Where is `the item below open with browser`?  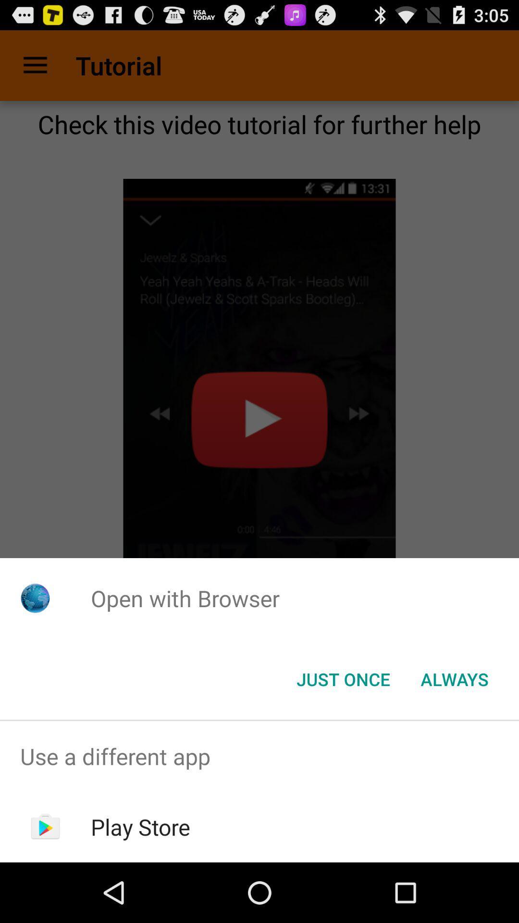 the item below open with browser is located at coordinates (454, 678).